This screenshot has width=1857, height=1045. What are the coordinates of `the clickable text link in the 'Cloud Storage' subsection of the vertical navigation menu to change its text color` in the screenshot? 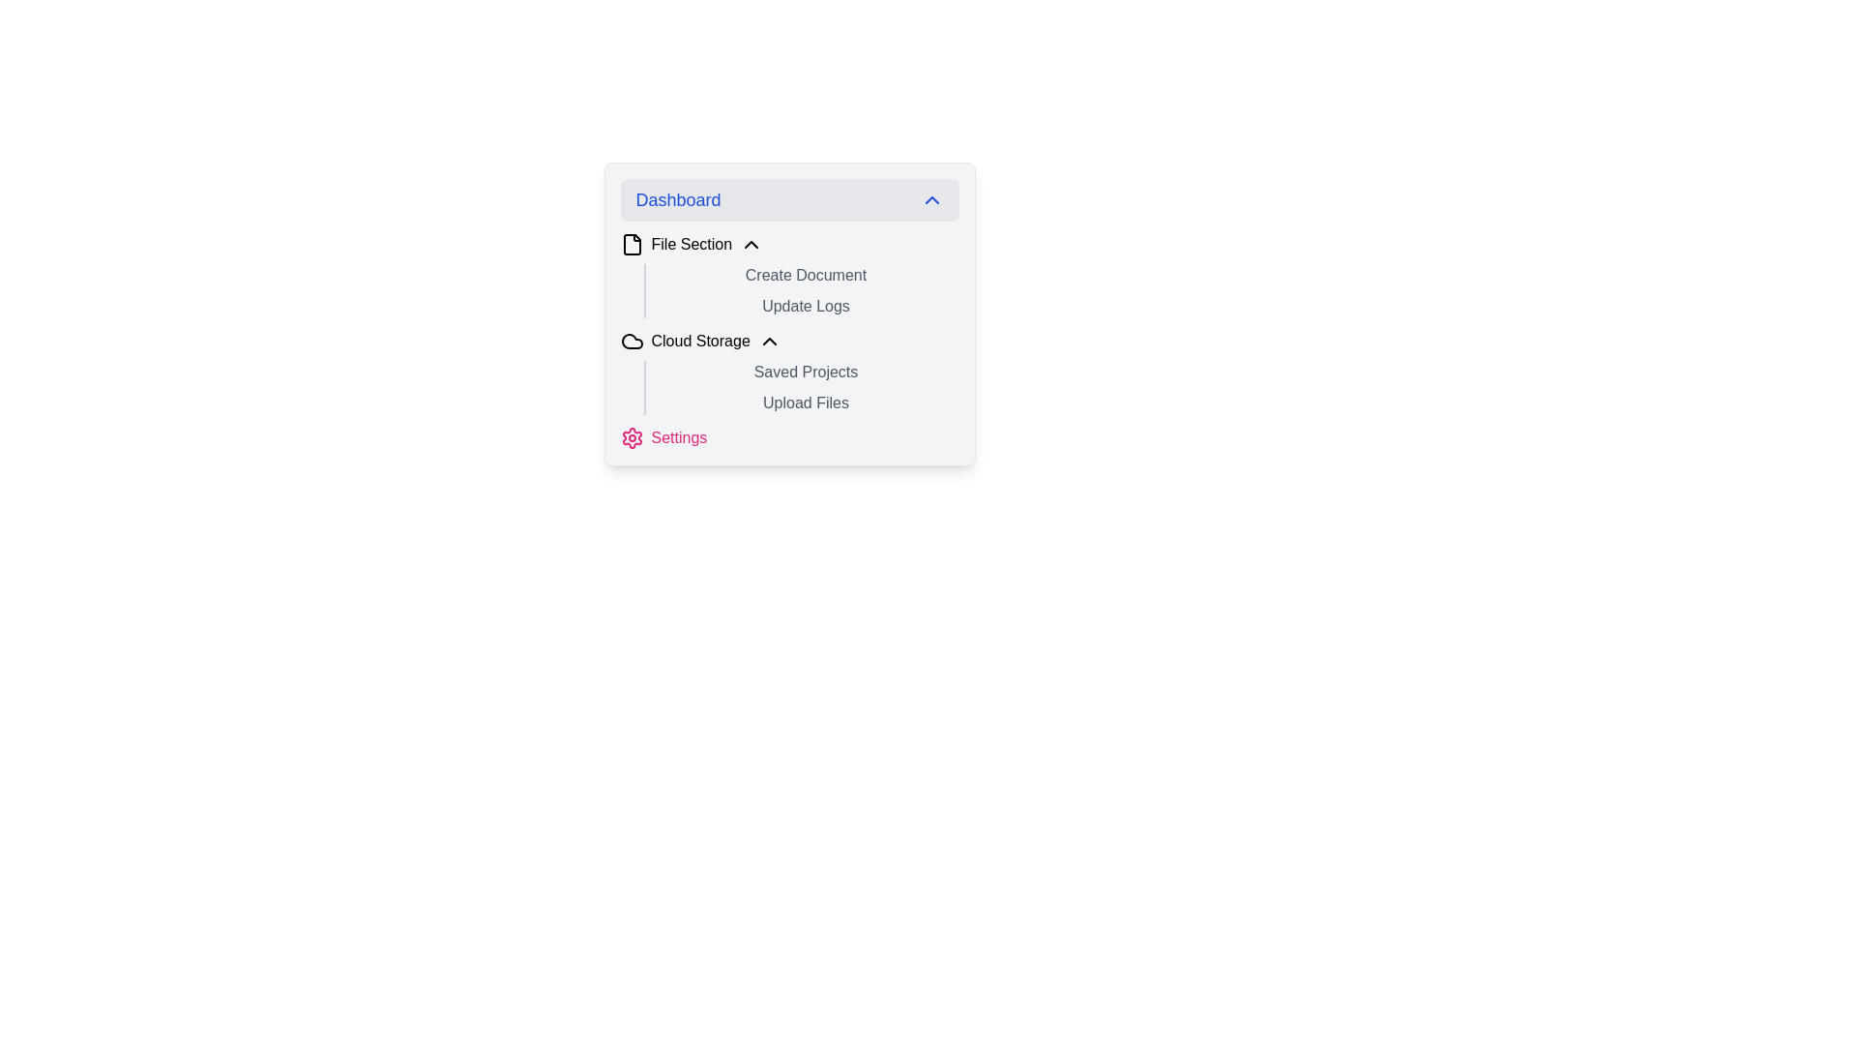 It's located at (802, 402).